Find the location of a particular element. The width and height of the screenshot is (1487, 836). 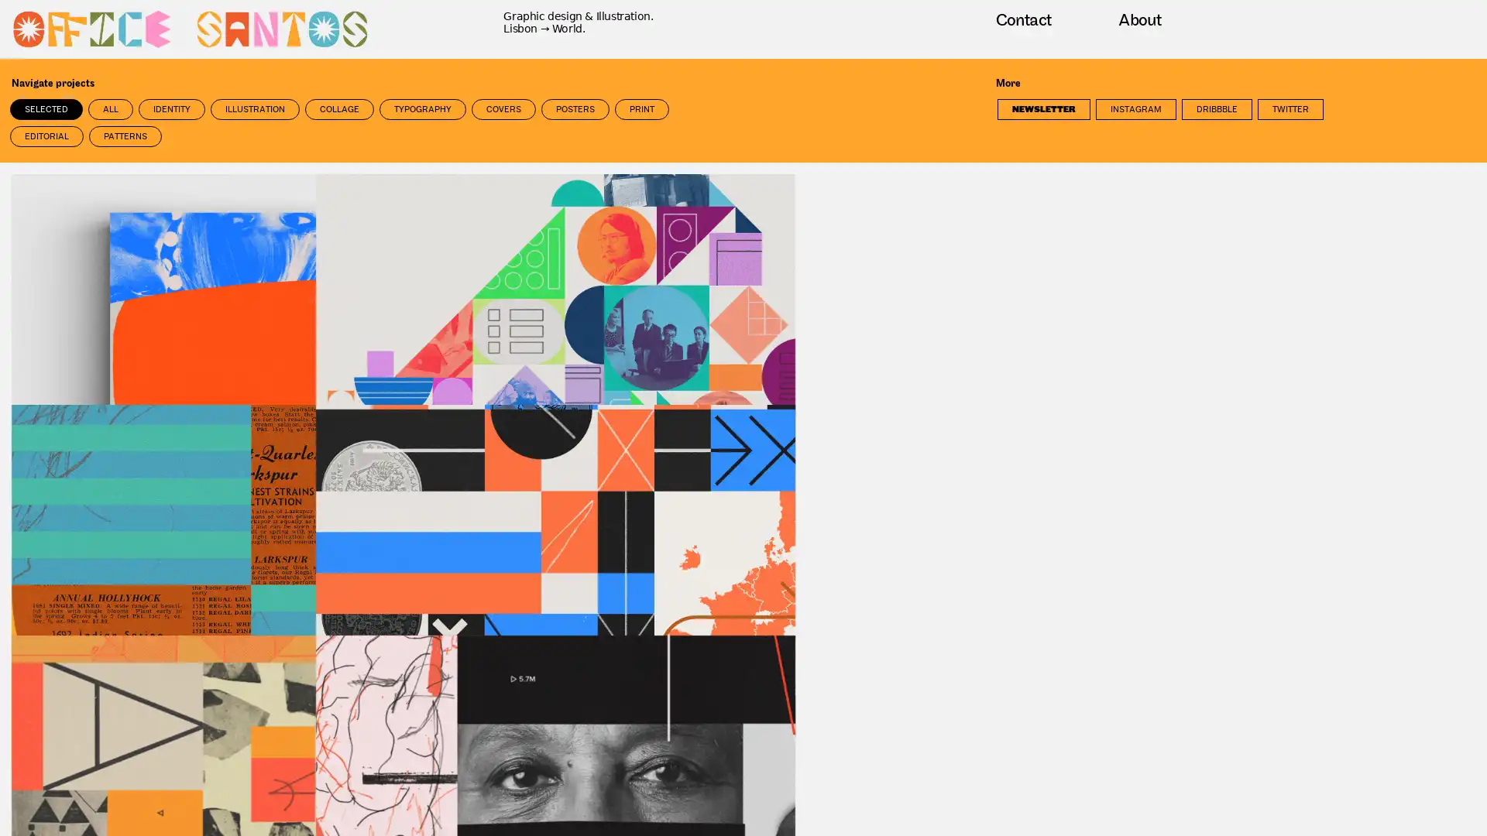

EDITORIAL is located at coordinates (46, 135).